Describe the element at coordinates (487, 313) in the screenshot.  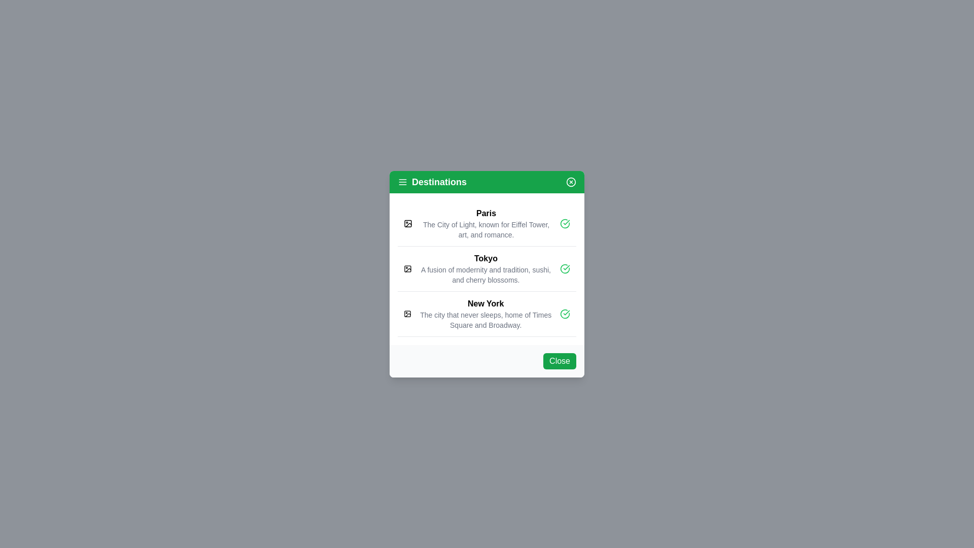
I see `the selectable list item representing the city 'New York'` at that location.